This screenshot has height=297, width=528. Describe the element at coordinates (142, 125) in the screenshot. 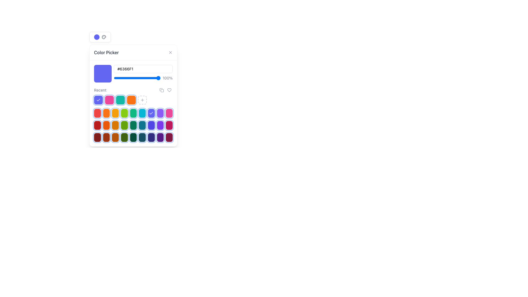

I see `the blue-green color selection button located in the third row and sixth column of the 'Color Picker' popup` at that location.